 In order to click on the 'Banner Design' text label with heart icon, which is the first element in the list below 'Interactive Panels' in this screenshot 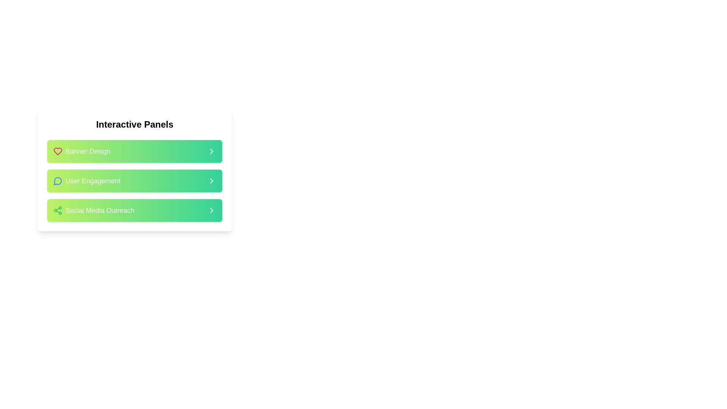, I will do `click(82, 151)`.